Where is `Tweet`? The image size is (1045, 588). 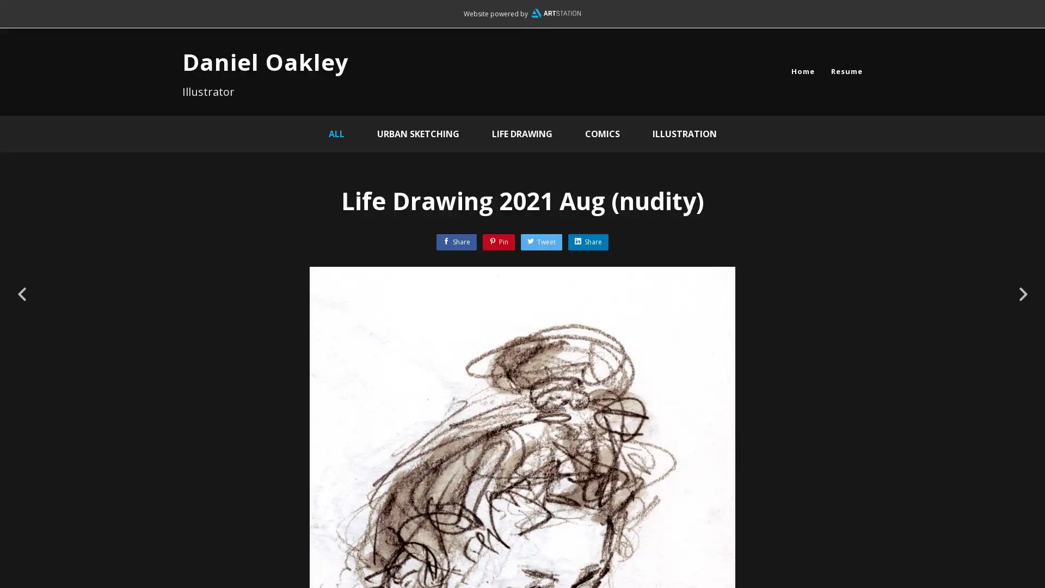 Tweet is located at coordinates (541, 241).